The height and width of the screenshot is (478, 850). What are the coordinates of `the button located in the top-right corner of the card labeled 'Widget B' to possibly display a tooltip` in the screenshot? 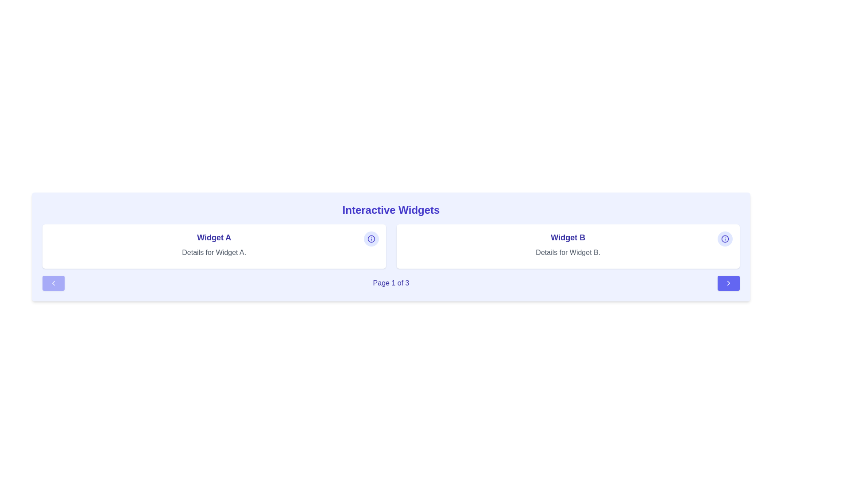 It's located at (725, 239).